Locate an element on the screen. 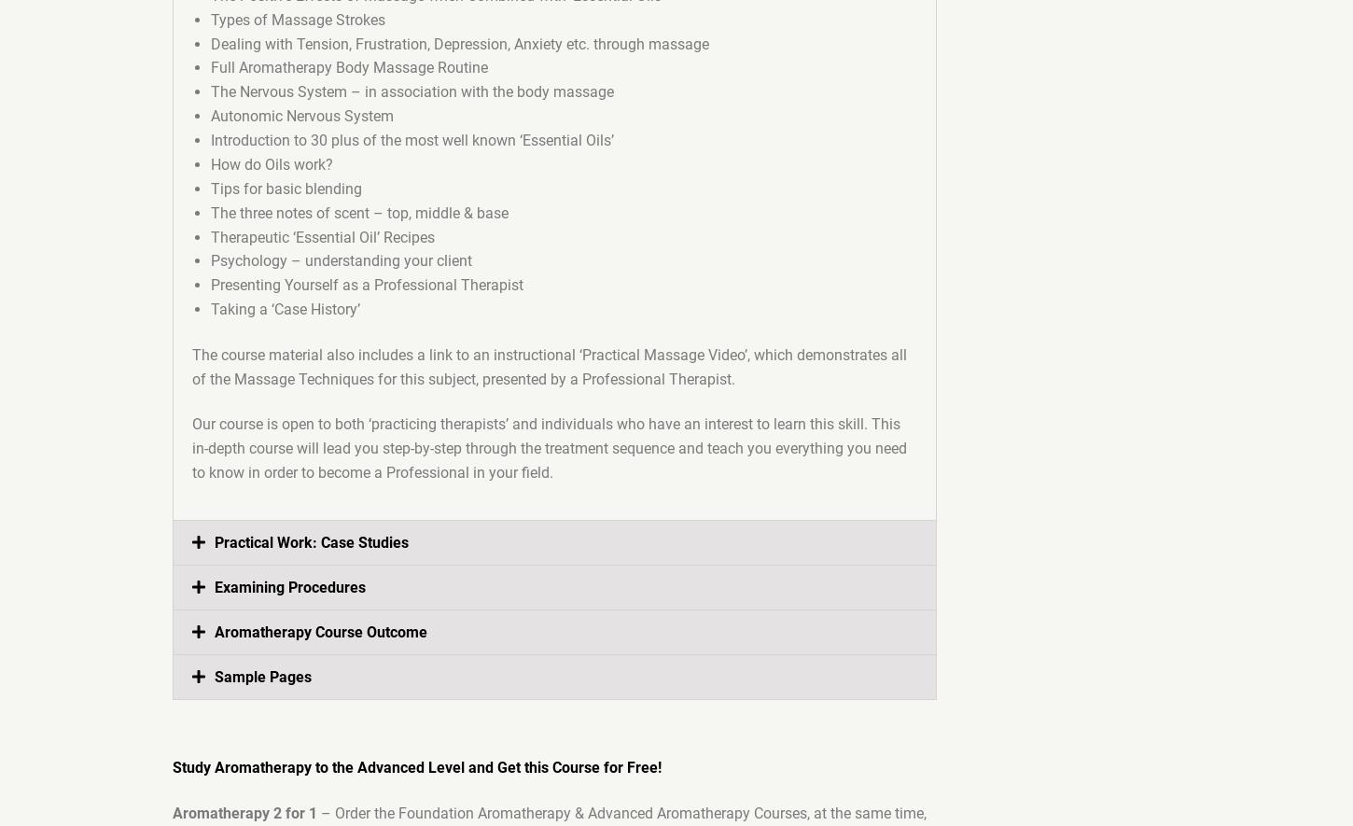 This screenshot has width=1353, height=826. 'The three notes of scent – top, middle & base' is located at coordinates (358, 211).